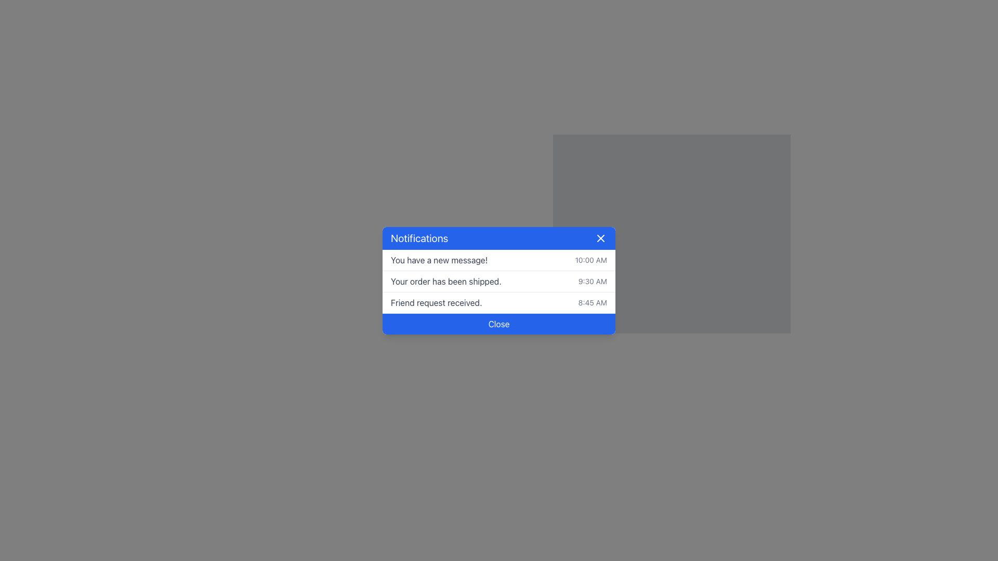 Image resolution: width=998 pixels, height=561 pixels. I want to click on the notification message that says 'Your order has been shipped.' which is the second item in the list of notifications, so click(499, 282).